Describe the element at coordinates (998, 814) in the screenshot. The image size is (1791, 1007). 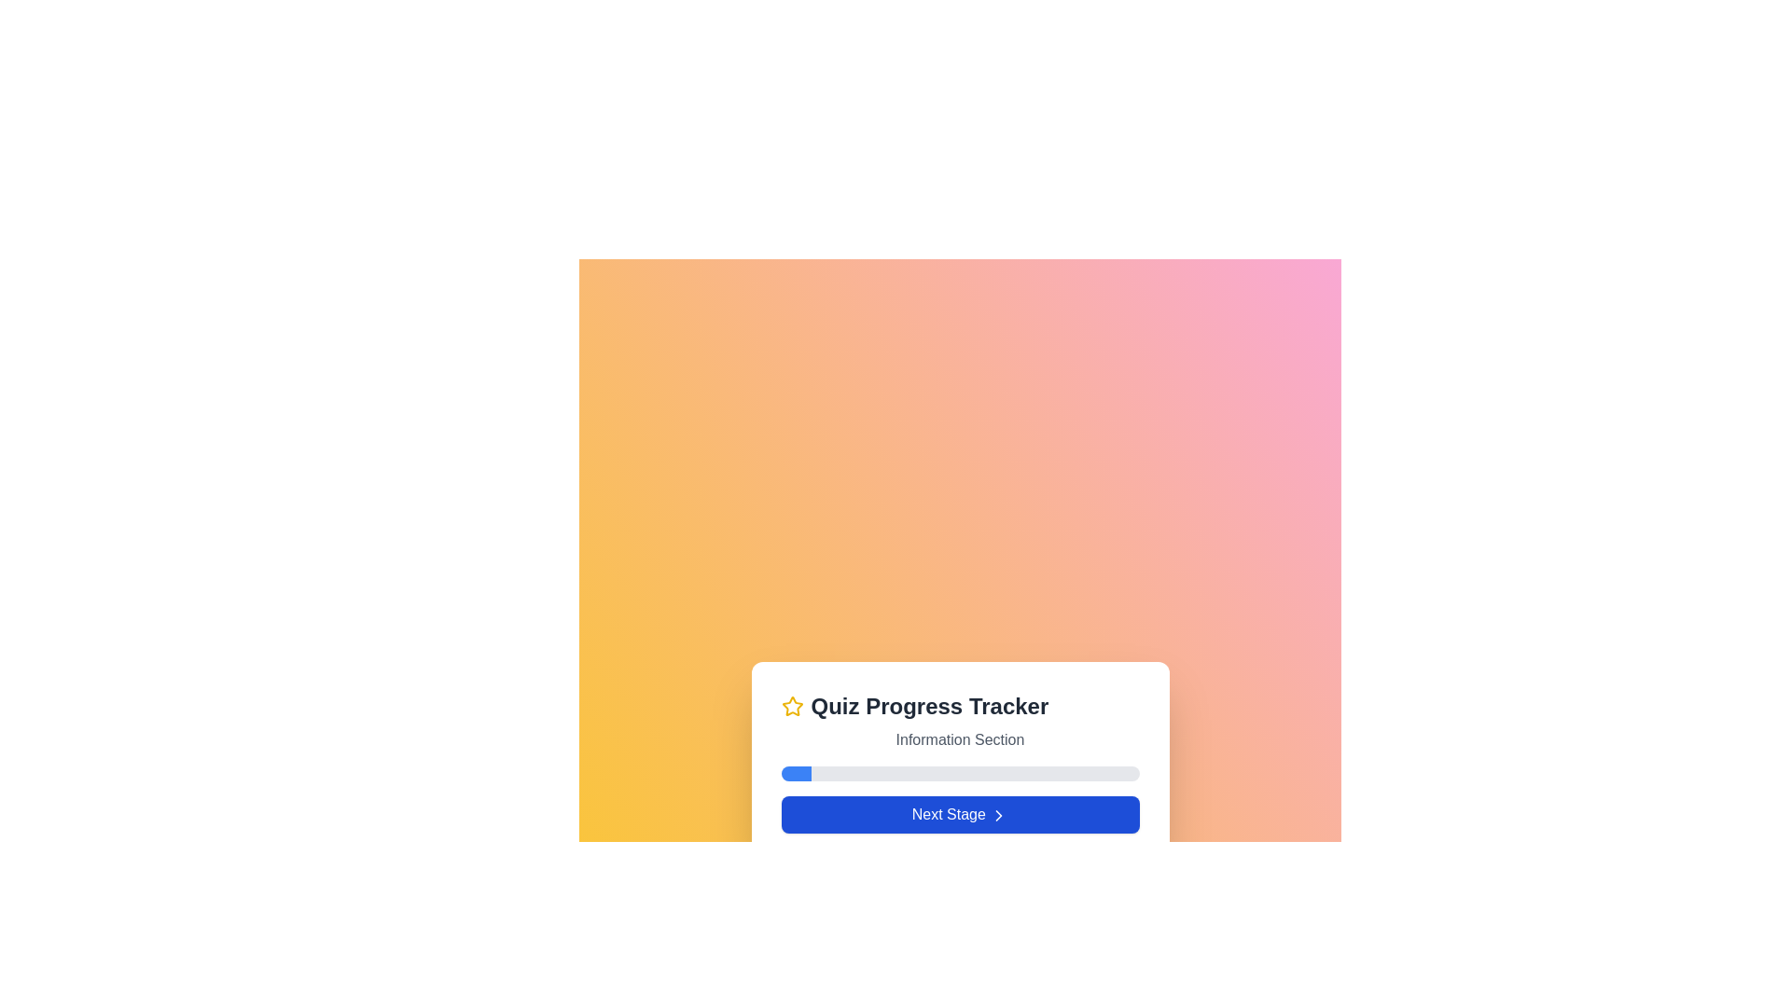
I see `the chevron icon located at the rightmost side of the 'Next Stage' button to indicate forward navigation` at that location.